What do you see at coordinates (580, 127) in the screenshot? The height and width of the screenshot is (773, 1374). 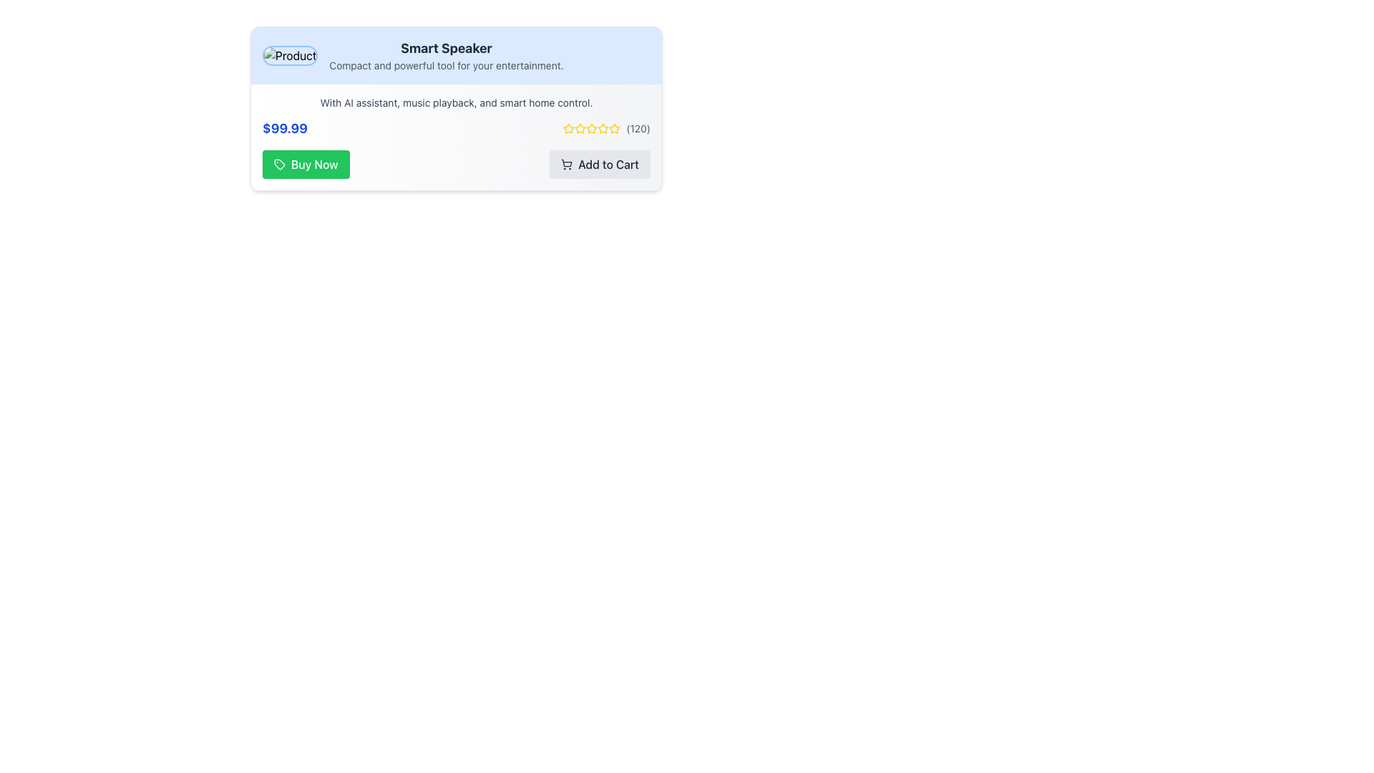 I see `the second star icon in the rating system, which is part of a row of five stars indicating product quality or popularity, located on the middle-right area of the product's information card` at bounding box center [580, 127].